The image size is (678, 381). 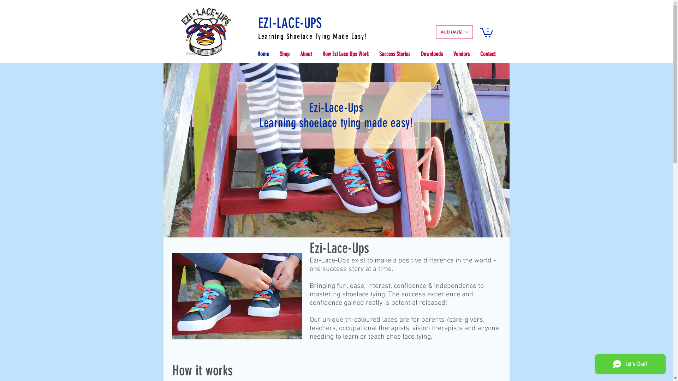 I want to click on 'Vendors', so click(x=461, y=54).